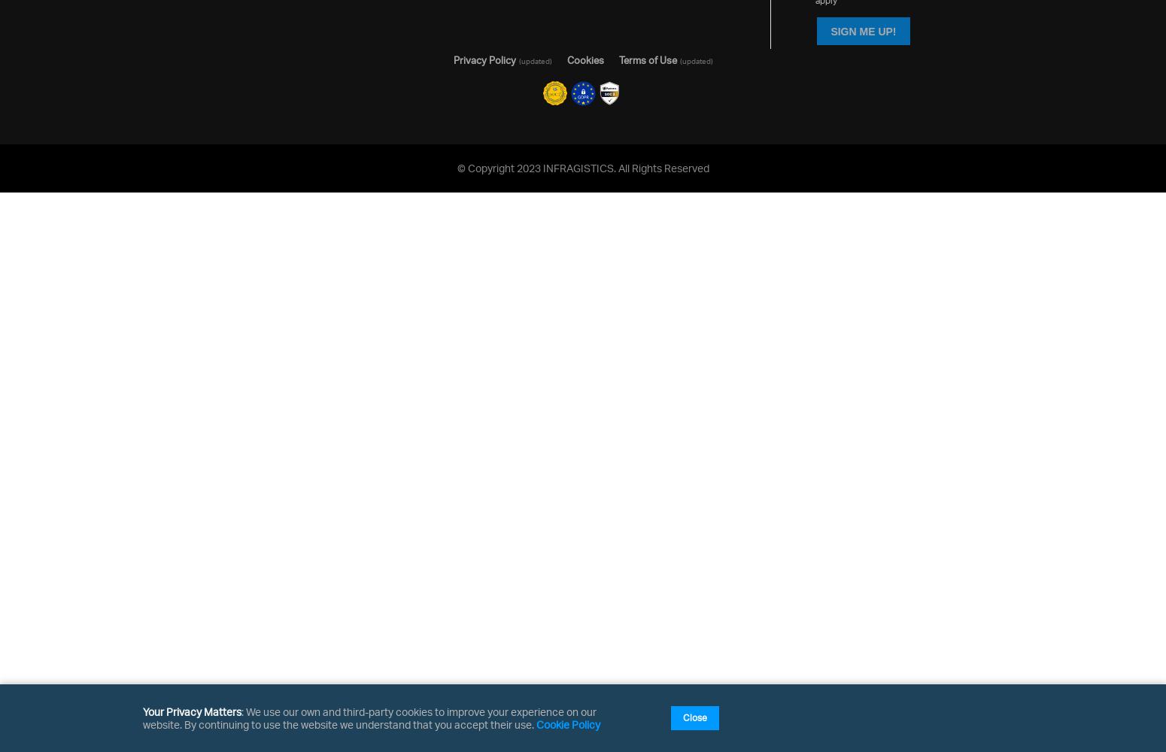 The width and height of the screenshot is (1166, 752). Describe the element at coordinates (568, 723) in the screenshot. I see `'Cookie Policy'` at that location.